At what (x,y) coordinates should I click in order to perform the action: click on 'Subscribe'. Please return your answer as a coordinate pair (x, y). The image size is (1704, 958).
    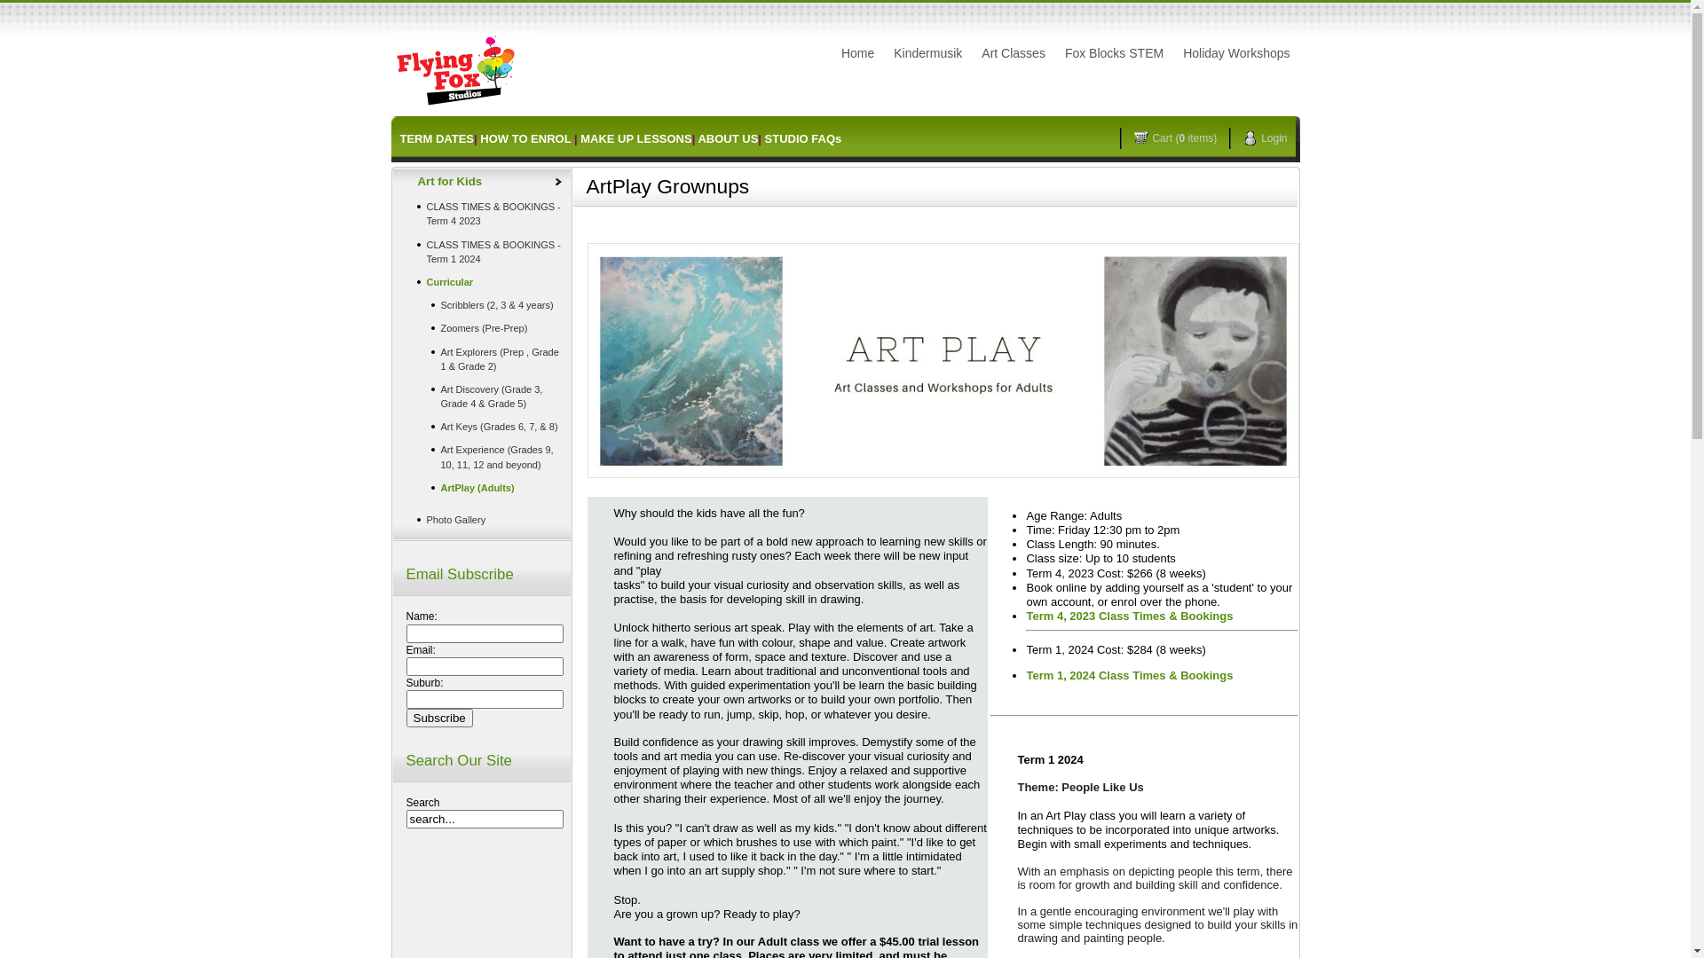
    Looking at the image, I should click on (439, 717).